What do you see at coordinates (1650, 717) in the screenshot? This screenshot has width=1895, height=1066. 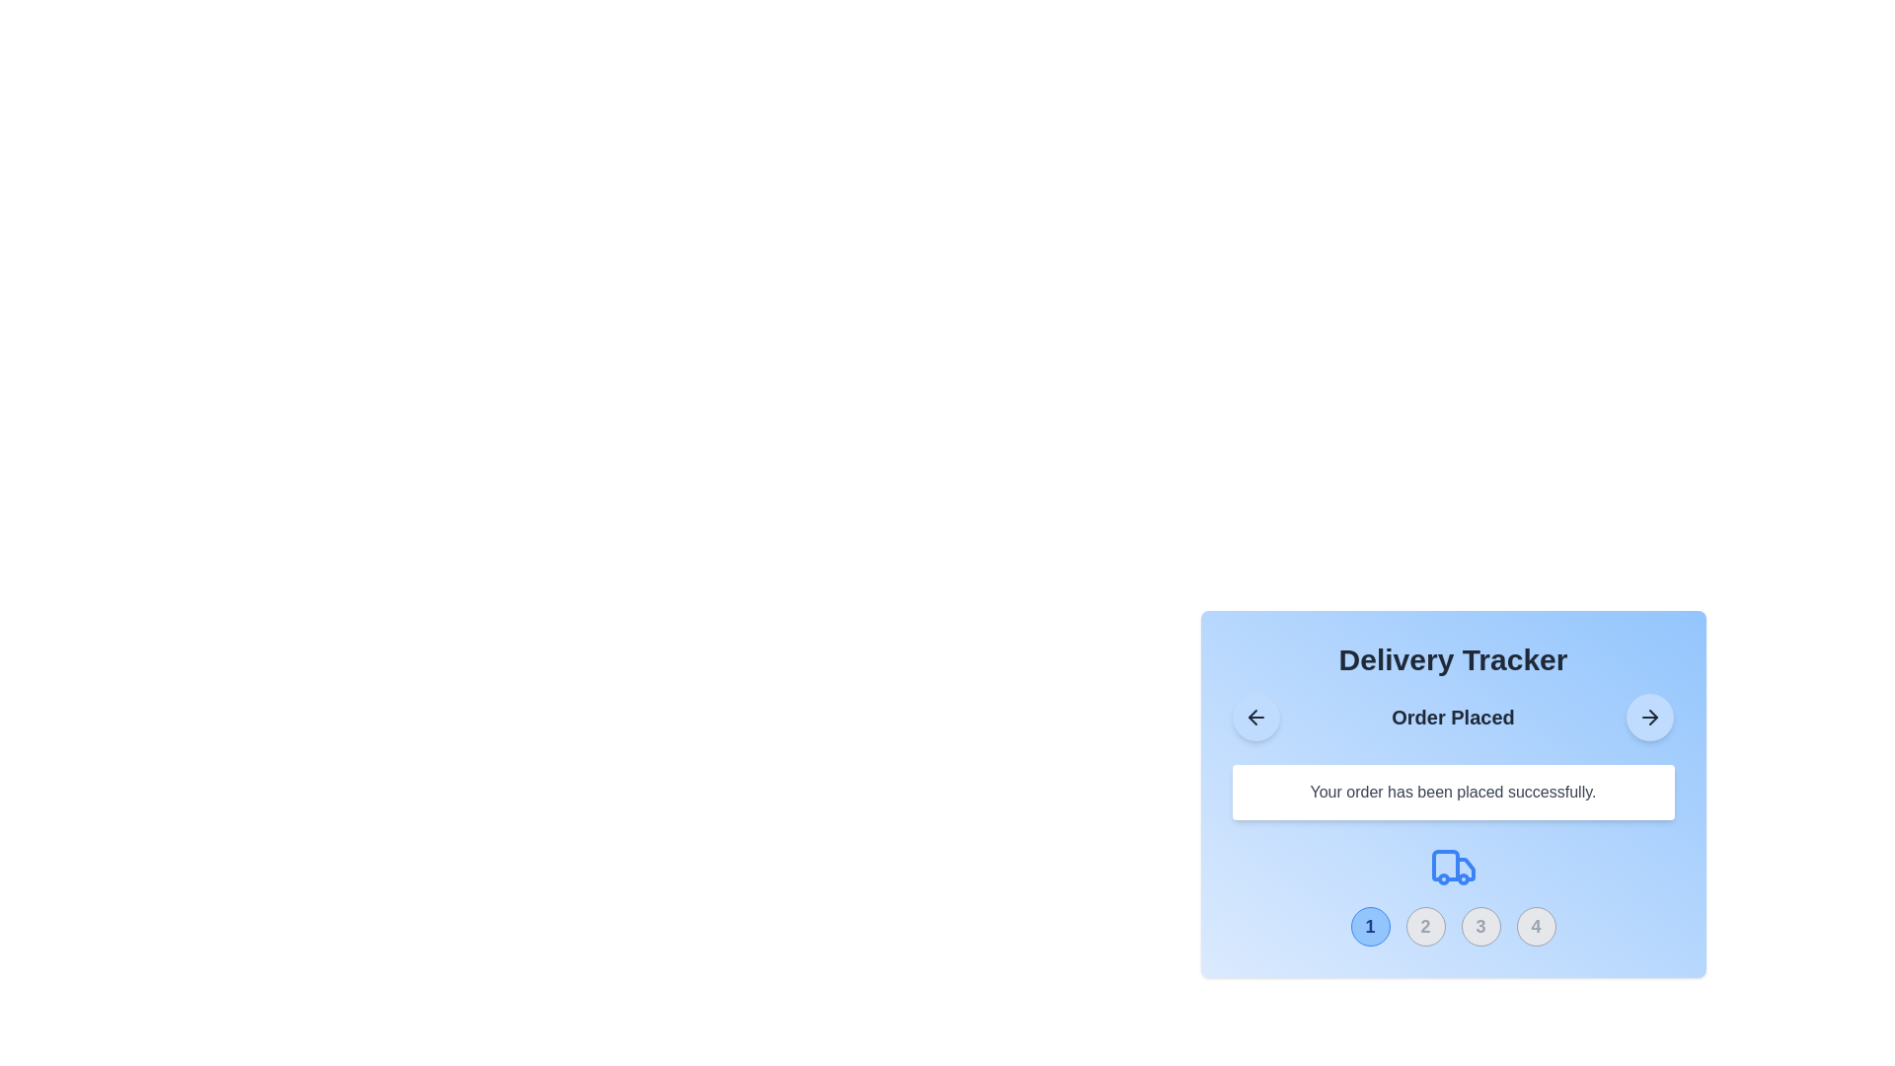 I see `the button located on the far right beside the text 'Order Placed'` at bounding box center [1650, 717].